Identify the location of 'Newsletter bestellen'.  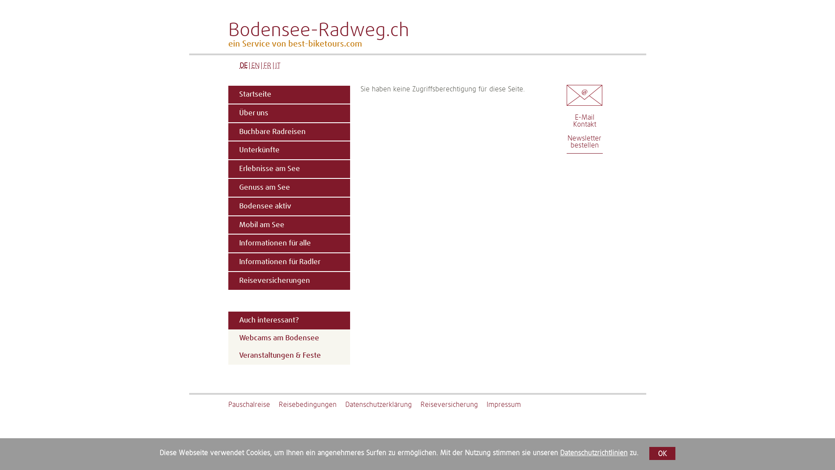
(584, 141).